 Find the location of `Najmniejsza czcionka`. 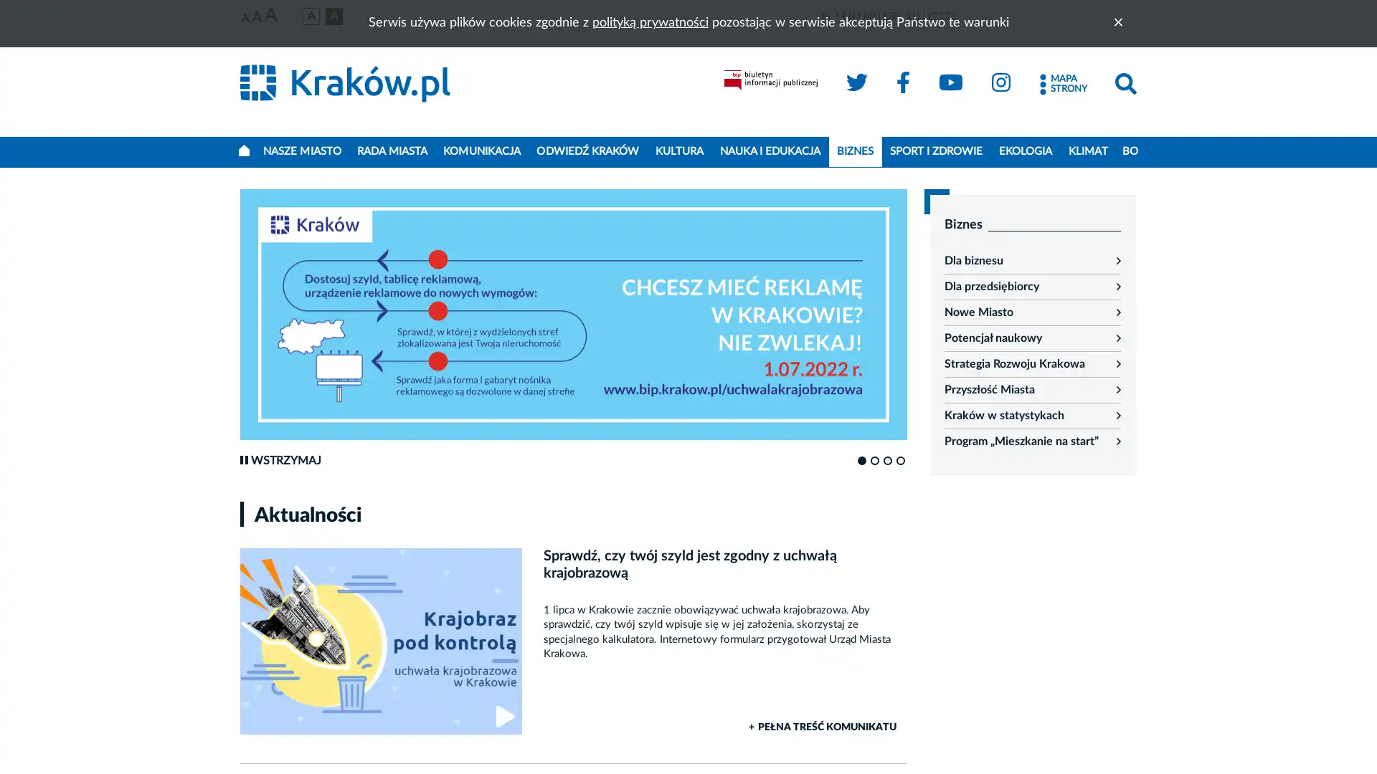

Najmniejsza czcionka is located at coordinates (245, 19).